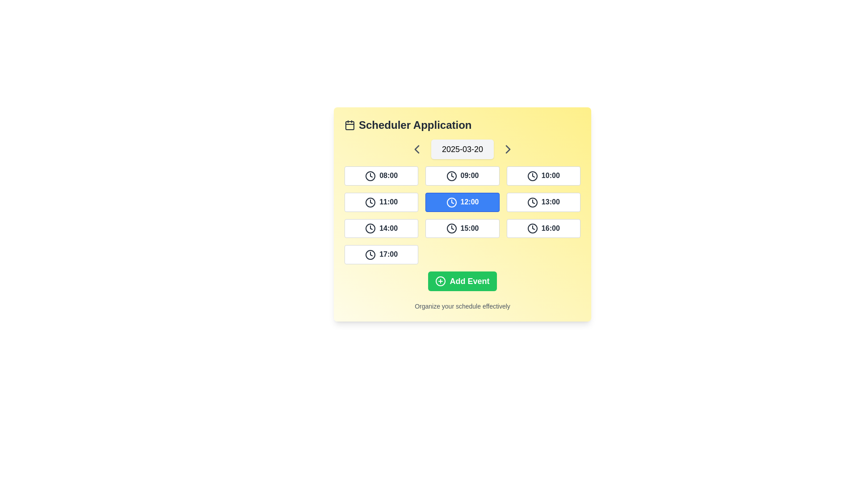 The image size is (858, 483). What do you see at coordinates (370, 255) in the screenshot?
I see `the circular clock icon located in the bottom left corner of the Scheduler interface, adjacent to the time slot 17:00` at bounding box center [370, 255].